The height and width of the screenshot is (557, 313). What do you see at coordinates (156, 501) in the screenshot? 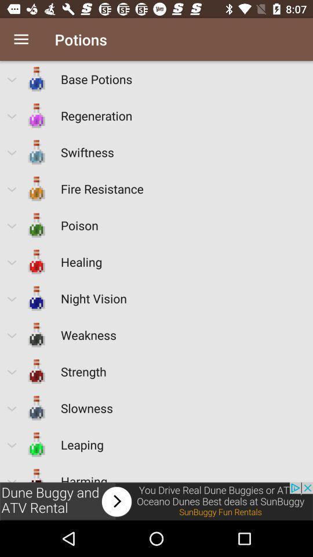
I see `open advertisement` at bounding box center [156, 501].